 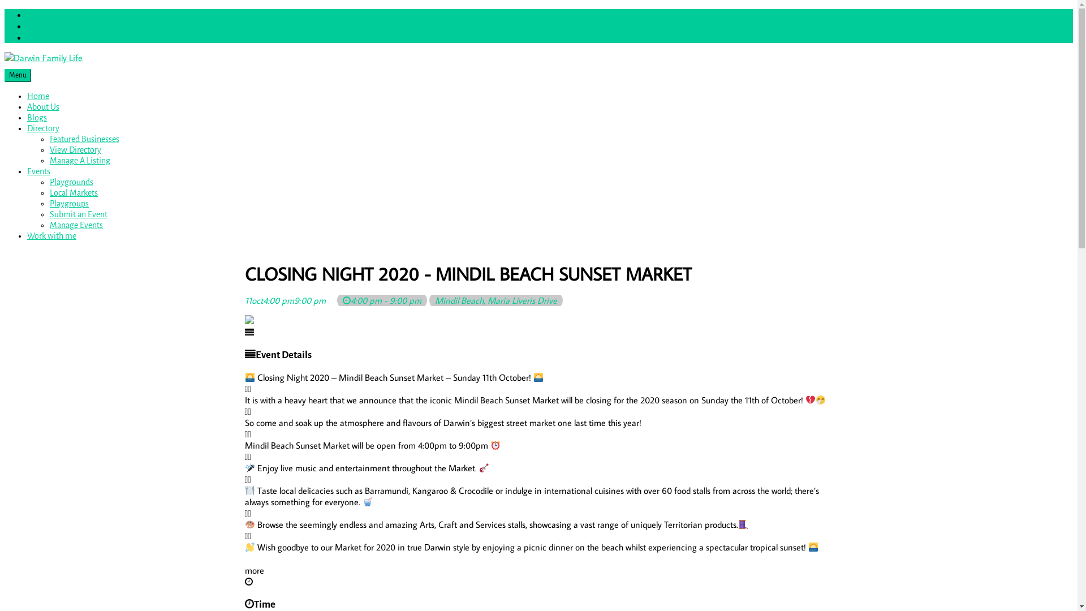 What do you see at coordinates (79, 161) in the screenshot?
I see `'Manage A Listing'` at bounding box center [79, 161].